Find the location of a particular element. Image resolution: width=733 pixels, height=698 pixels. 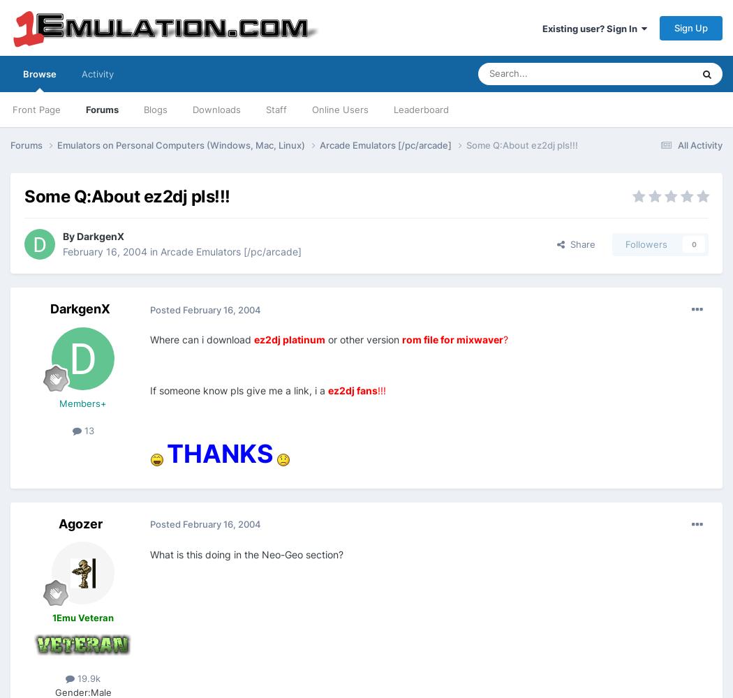

'Agozer' is located at coordinates (79, 522).